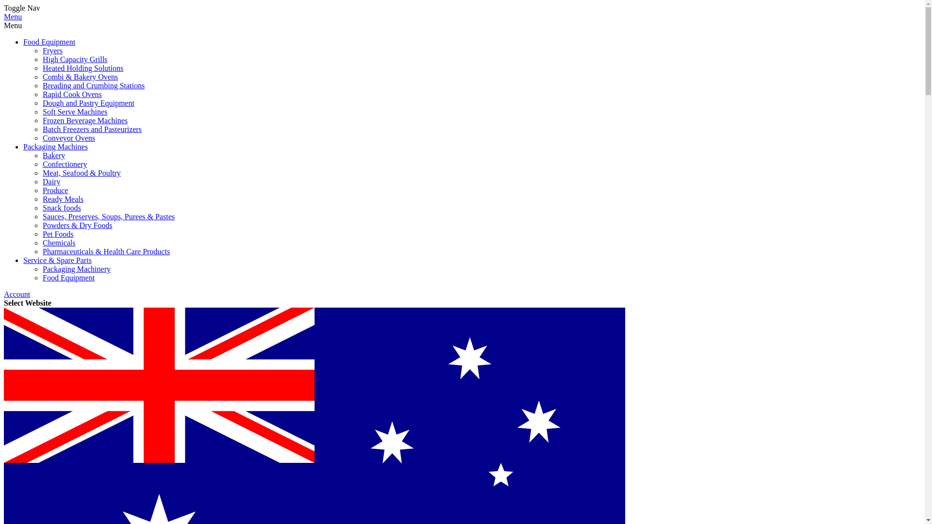 The image size is (932, 524). What do you see at coordinates (61, 207) in the screenshot?
I see `'Snack foods'` at bounding box center [61, 207].